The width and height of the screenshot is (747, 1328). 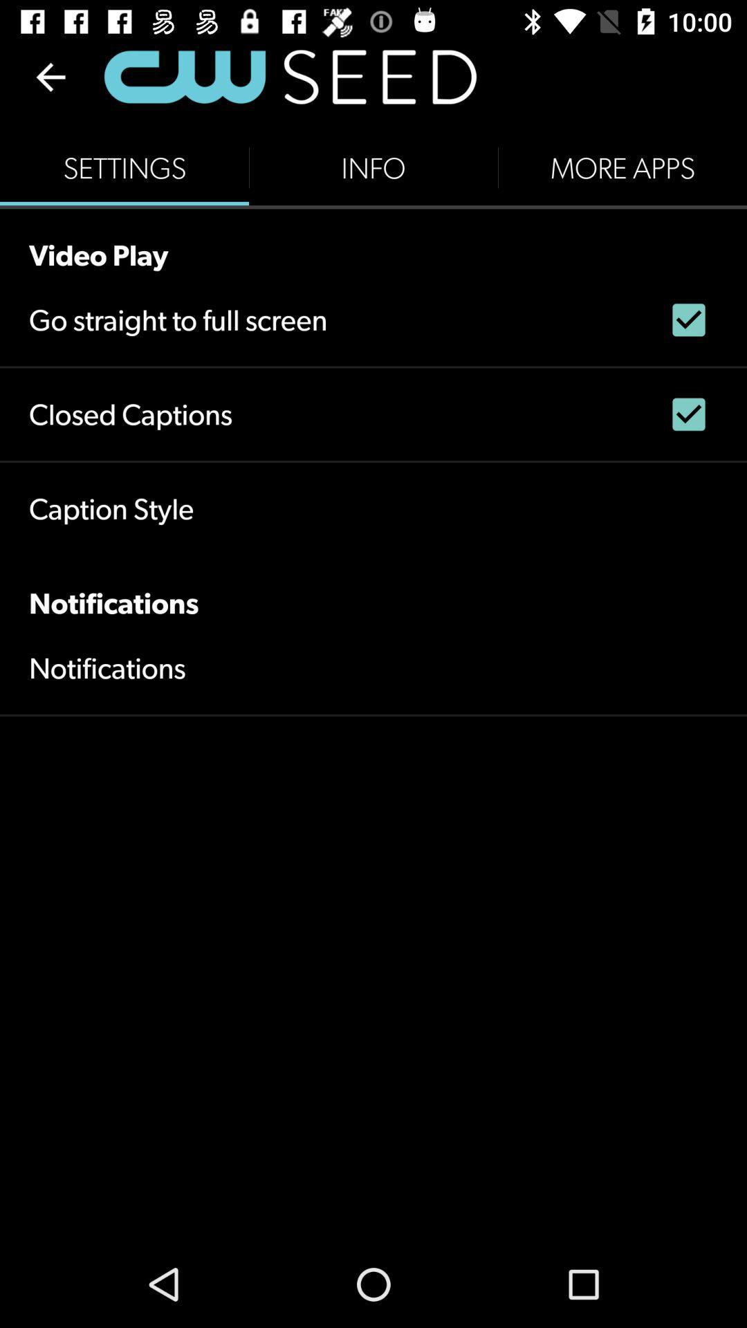 What do you see at coordinates (177, 319) in the screenshot?
I see `go straight to item` at bounding box center [177, 319].